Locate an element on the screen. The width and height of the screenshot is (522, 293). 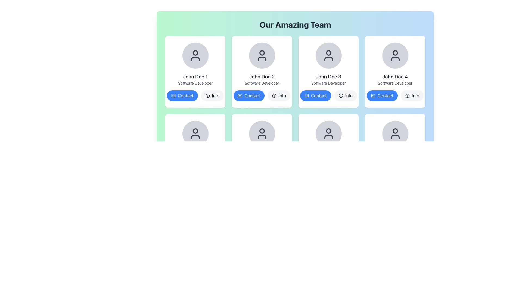
the circular user profile icon located in the fifth card of the second row in a 3x4 grid layout, directly below the profile card for 'John Doe 4' is located at coordinates (395, 131).